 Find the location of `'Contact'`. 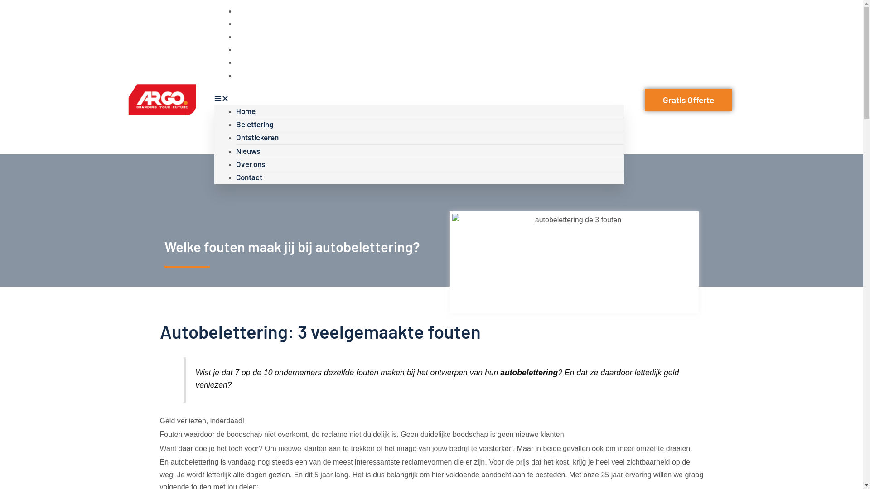

'Contact' is located at coordinates (235, 74).